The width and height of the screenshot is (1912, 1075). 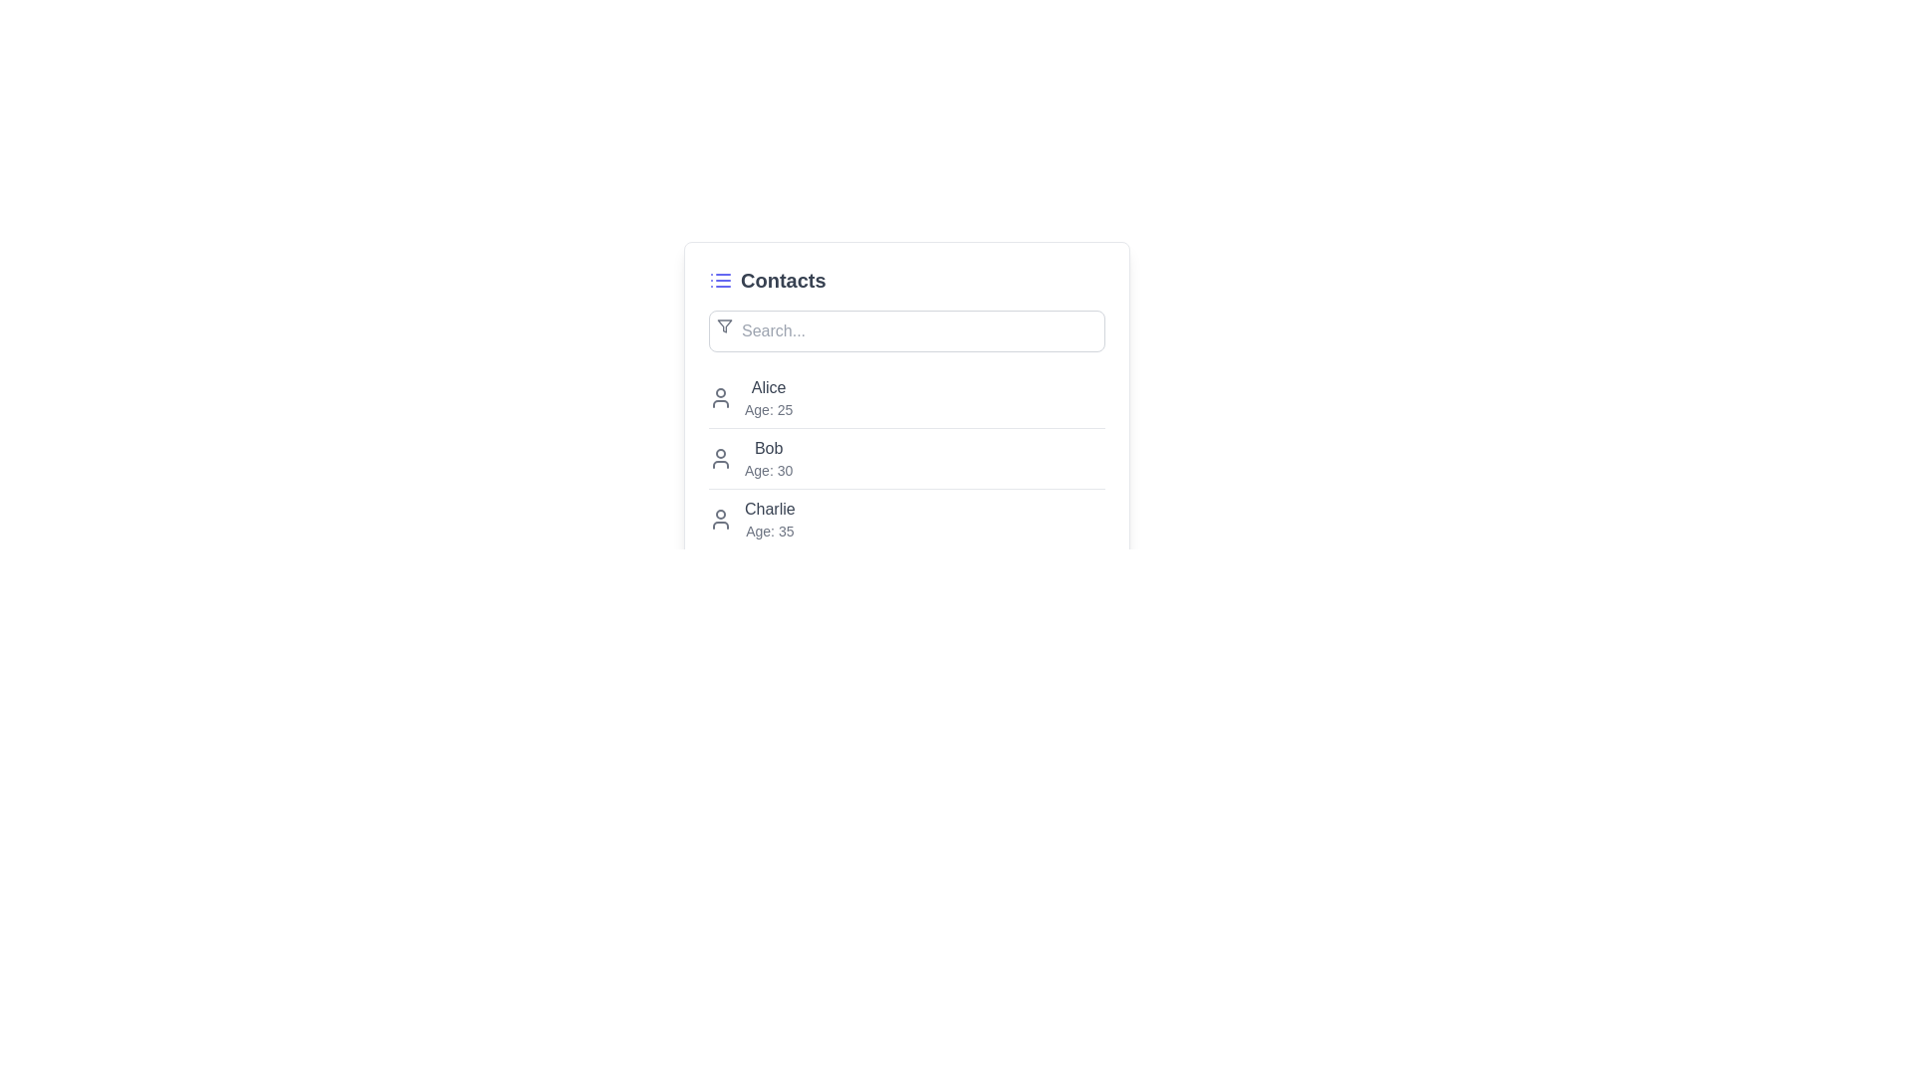 I want to click on the list item containing individual information, which is located between the items labeled 'Alice' and 'Charlie', so click(x=906, y=459).